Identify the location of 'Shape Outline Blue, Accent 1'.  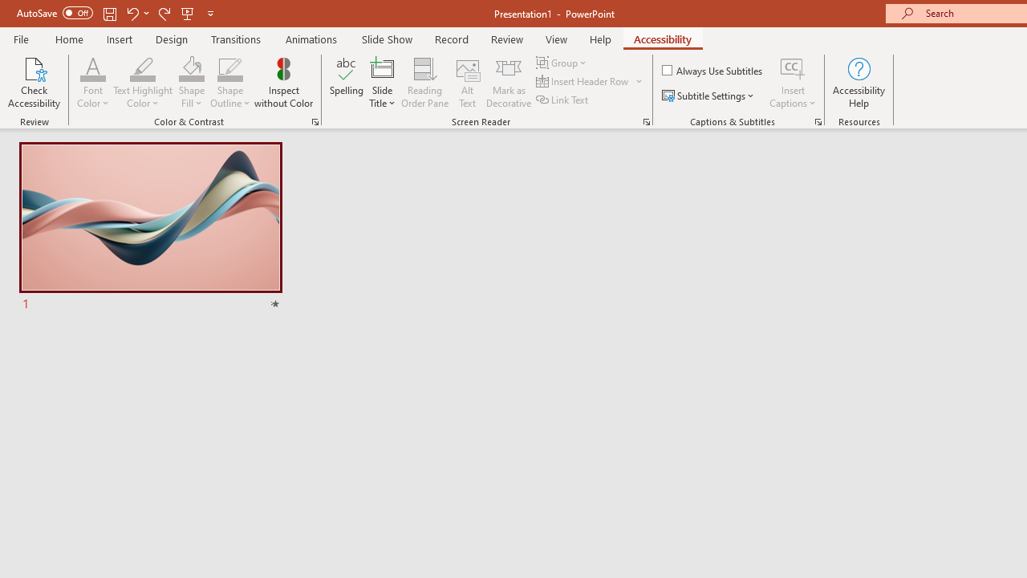
(229, 67).